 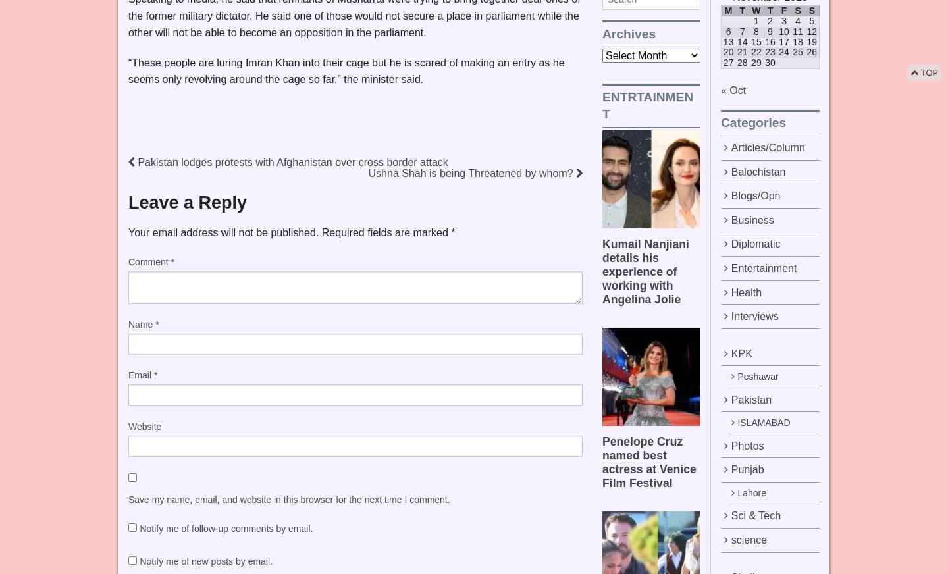 I want to click on '9', so click(x=770, y=30).